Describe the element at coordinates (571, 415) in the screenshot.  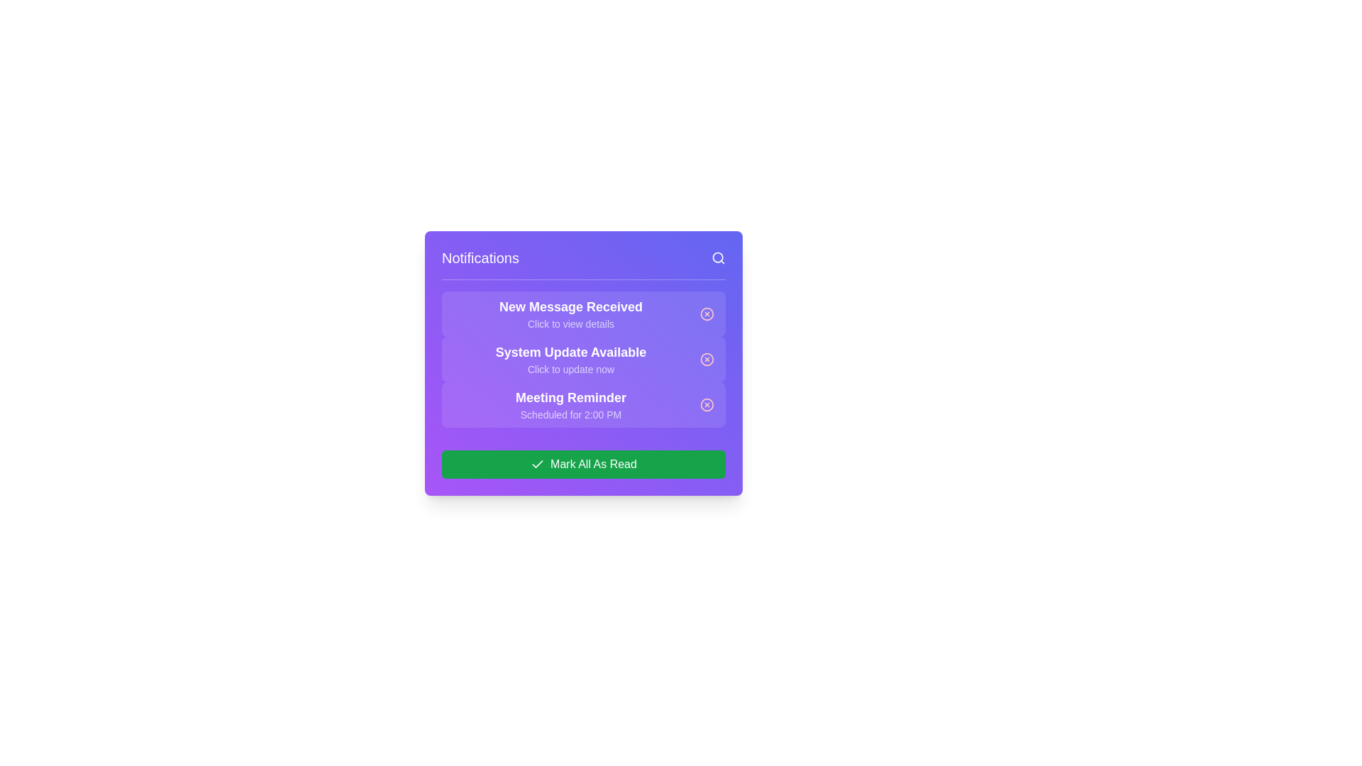
I see `information displayed in the text element that shows 'Scheduled for 2:00 PM', which is located below the 'Meeting Reminder' label in a purple notification box` at that location.